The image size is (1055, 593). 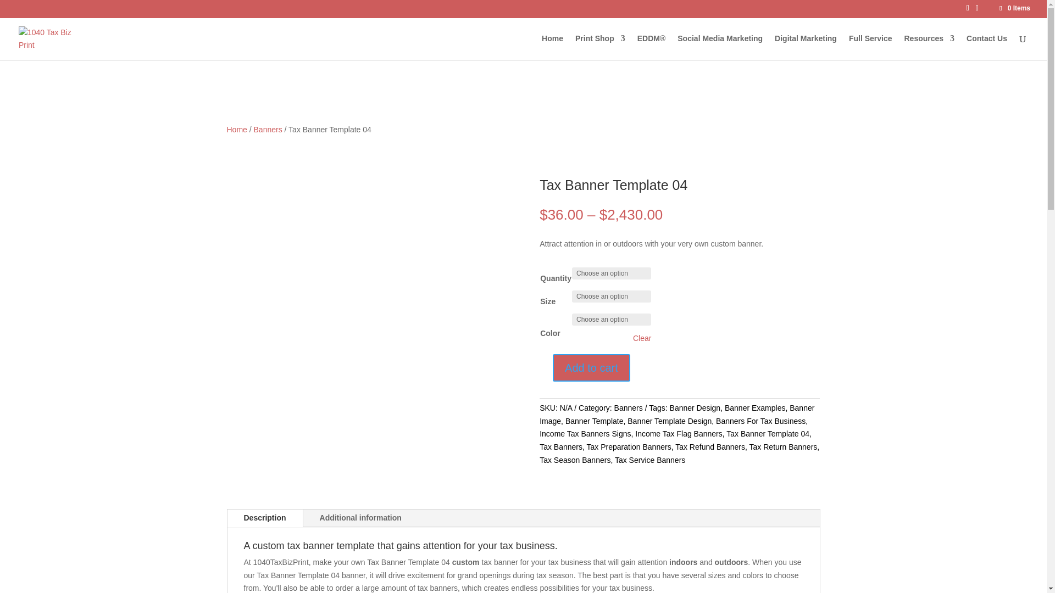 What do you see at coordinates (754, 408) in the screenshot?
I see `'Banner Examples'` at bounding box center [754, 408].